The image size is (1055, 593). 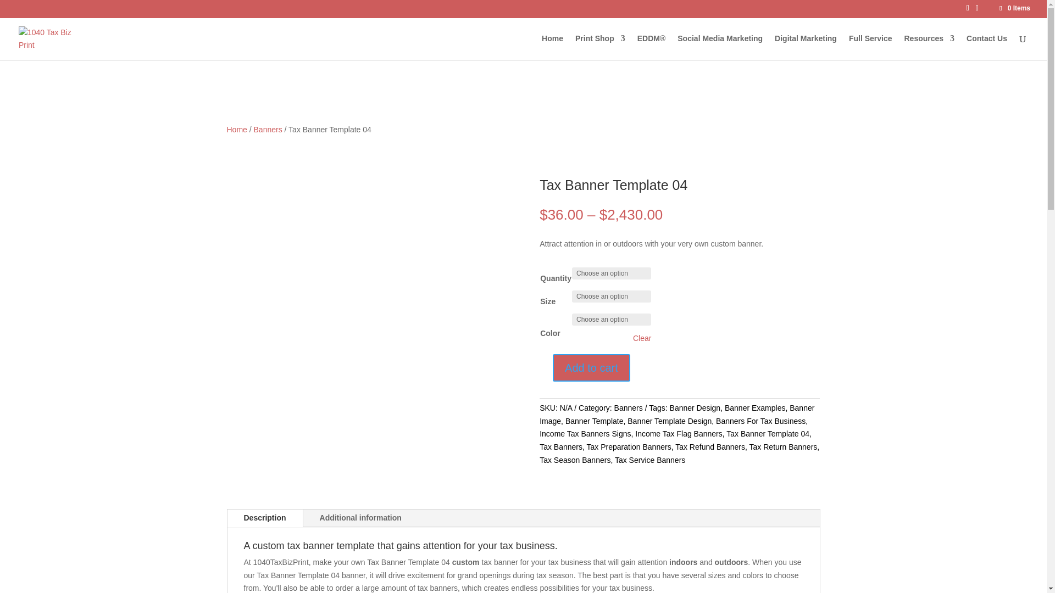 What do you see at coordinates (754, 408) in the screenshot?
I see `'Banner Examples'` at bounding box center [754, 408].